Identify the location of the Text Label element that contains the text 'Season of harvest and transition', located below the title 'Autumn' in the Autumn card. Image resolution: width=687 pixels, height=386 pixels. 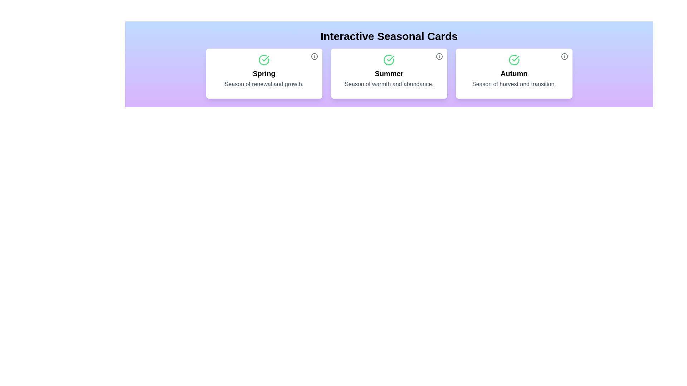
(513, 84).